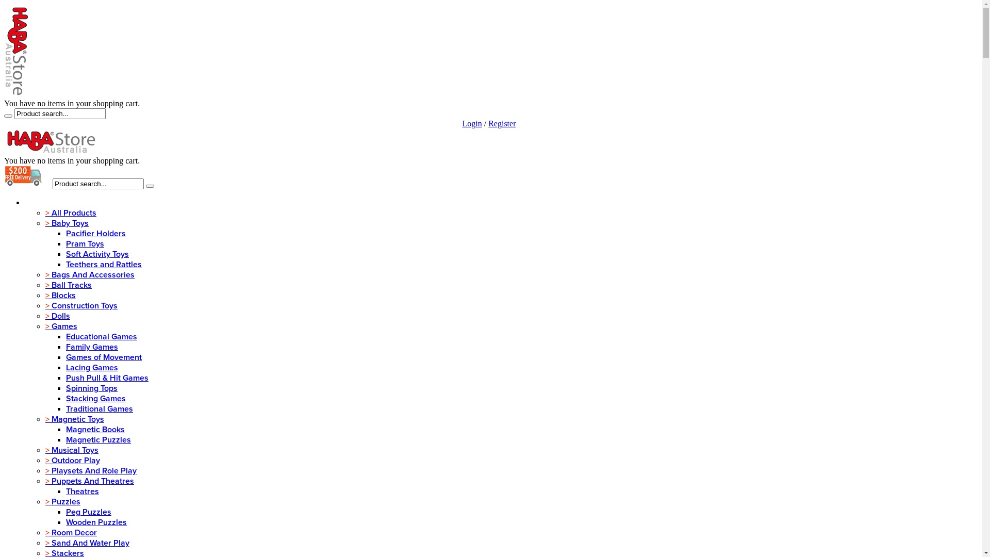 The width and height of the screenshot is (990, 557). Describe the element at coordinates (70, 212) in the screenshot. I see `'> All Products'` at that location.